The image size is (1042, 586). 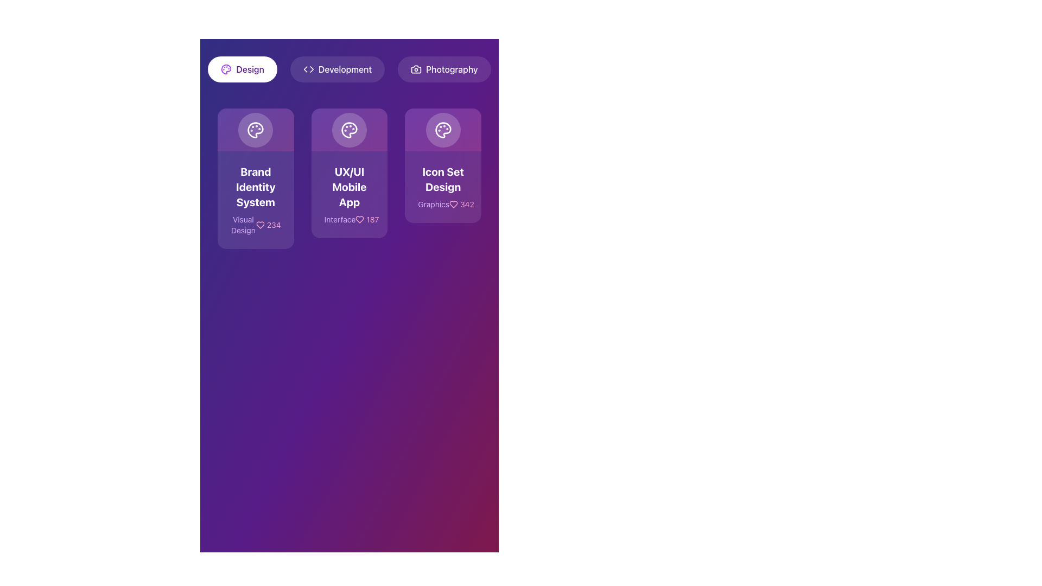 What do you see at coordinates (444, 69) in the screenshot?
I see `the 'Photography' button, which is the third button in a horizontal list` at bounding box center [444, 69].